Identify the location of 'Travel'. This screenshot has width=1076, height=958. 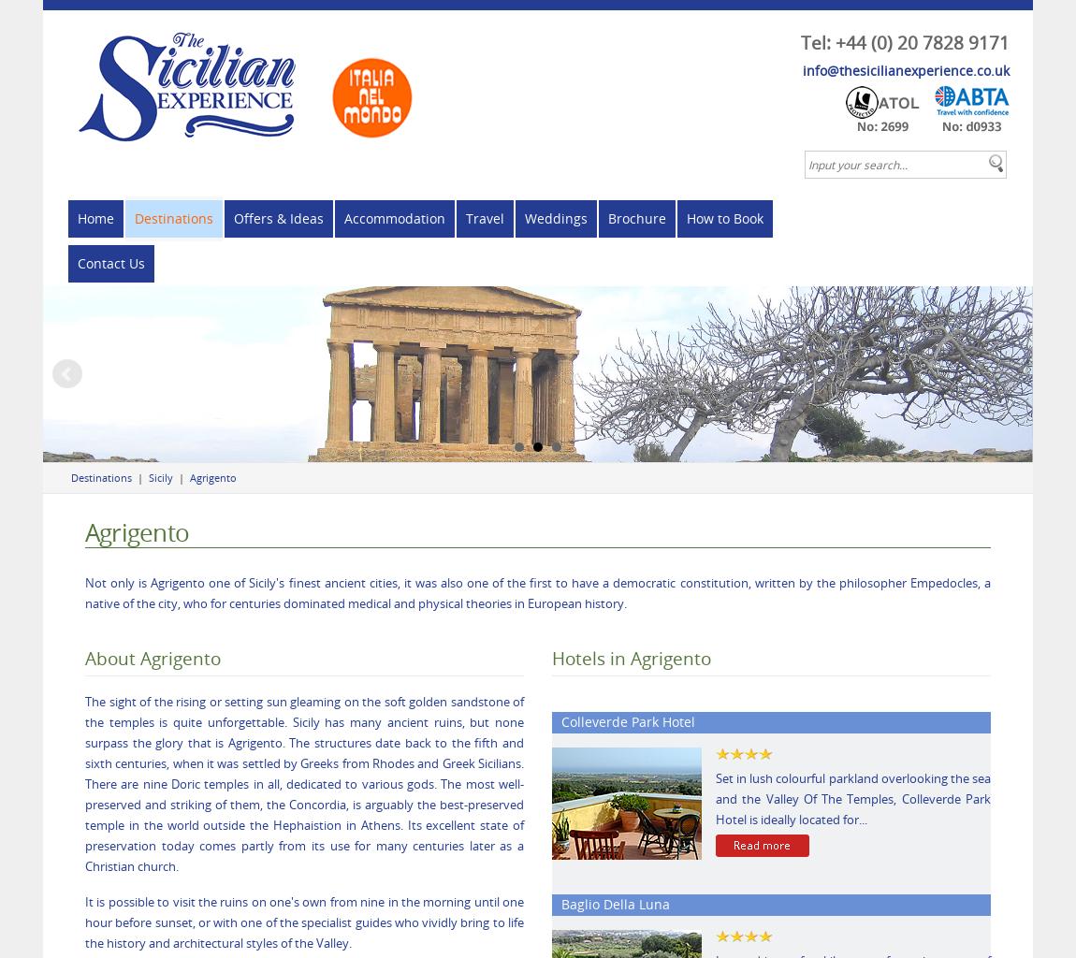
(485, 217).